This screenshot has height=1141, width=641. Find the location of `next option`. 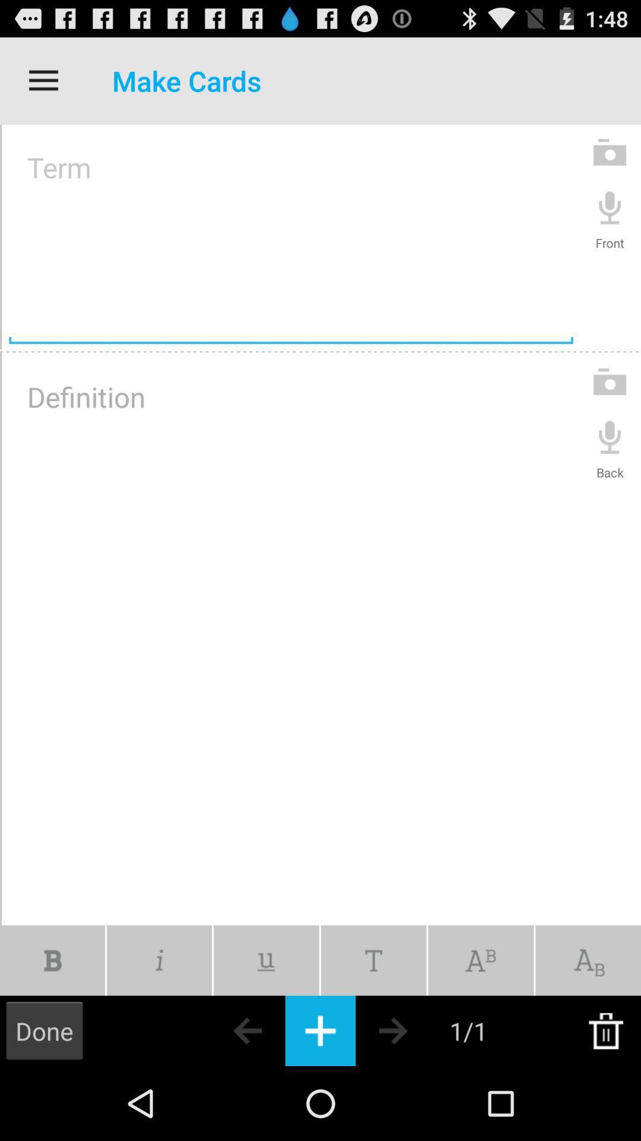

next option is located at coordinates (414, 1030).